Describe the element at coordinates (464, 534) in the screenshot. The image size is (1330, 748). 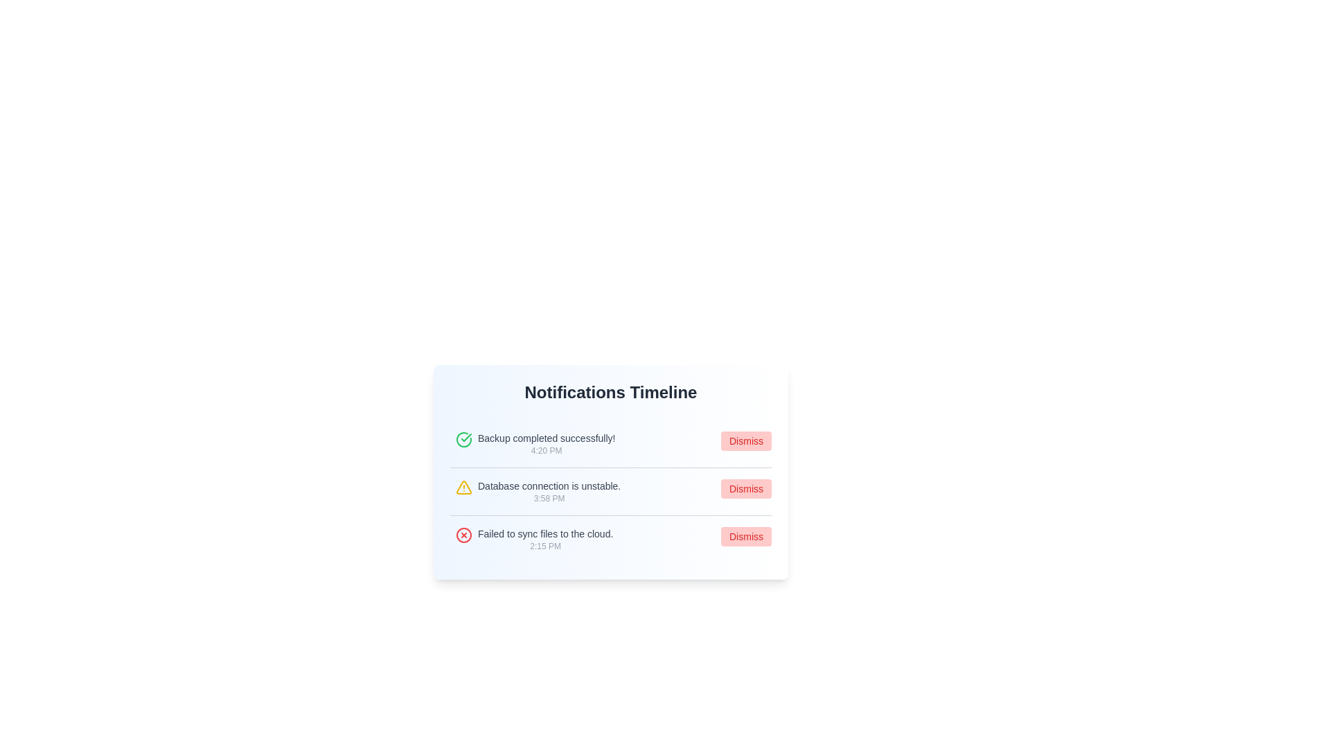
I see `the error notification icon on the leftmost side of the third notification row that accompanies the message 'Failed to sync files to the cloud.'` at that location.